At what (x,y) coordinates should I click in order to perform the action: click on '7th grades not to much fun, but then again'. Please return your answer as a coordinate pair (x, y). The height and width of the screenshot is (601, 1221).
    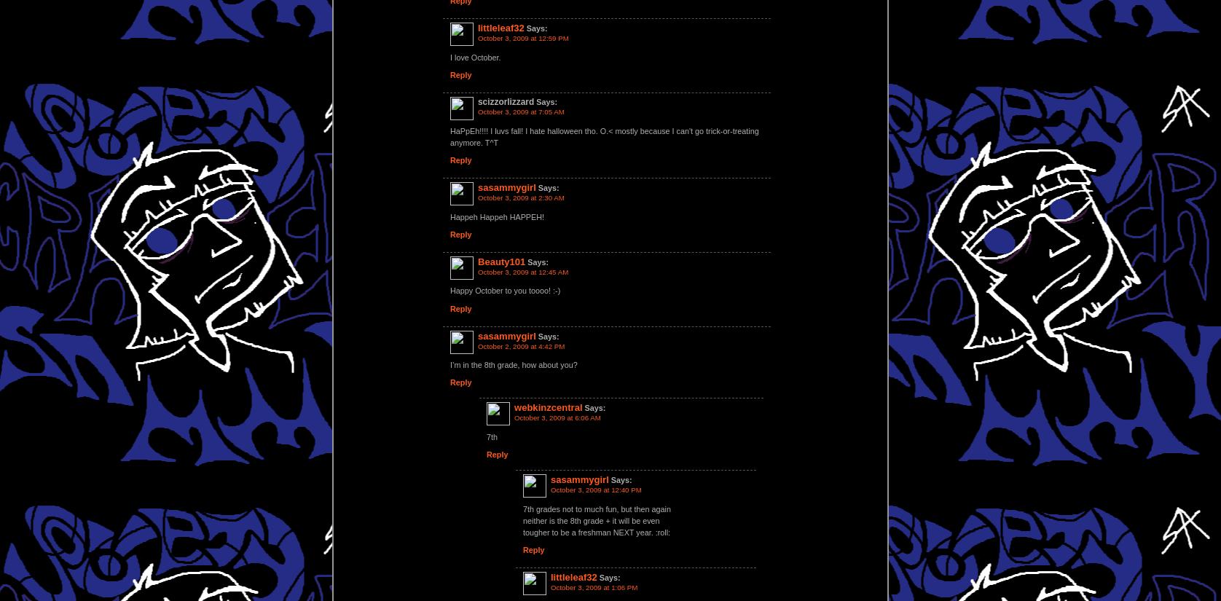
    Looking at the image, I should click on (596, 508).